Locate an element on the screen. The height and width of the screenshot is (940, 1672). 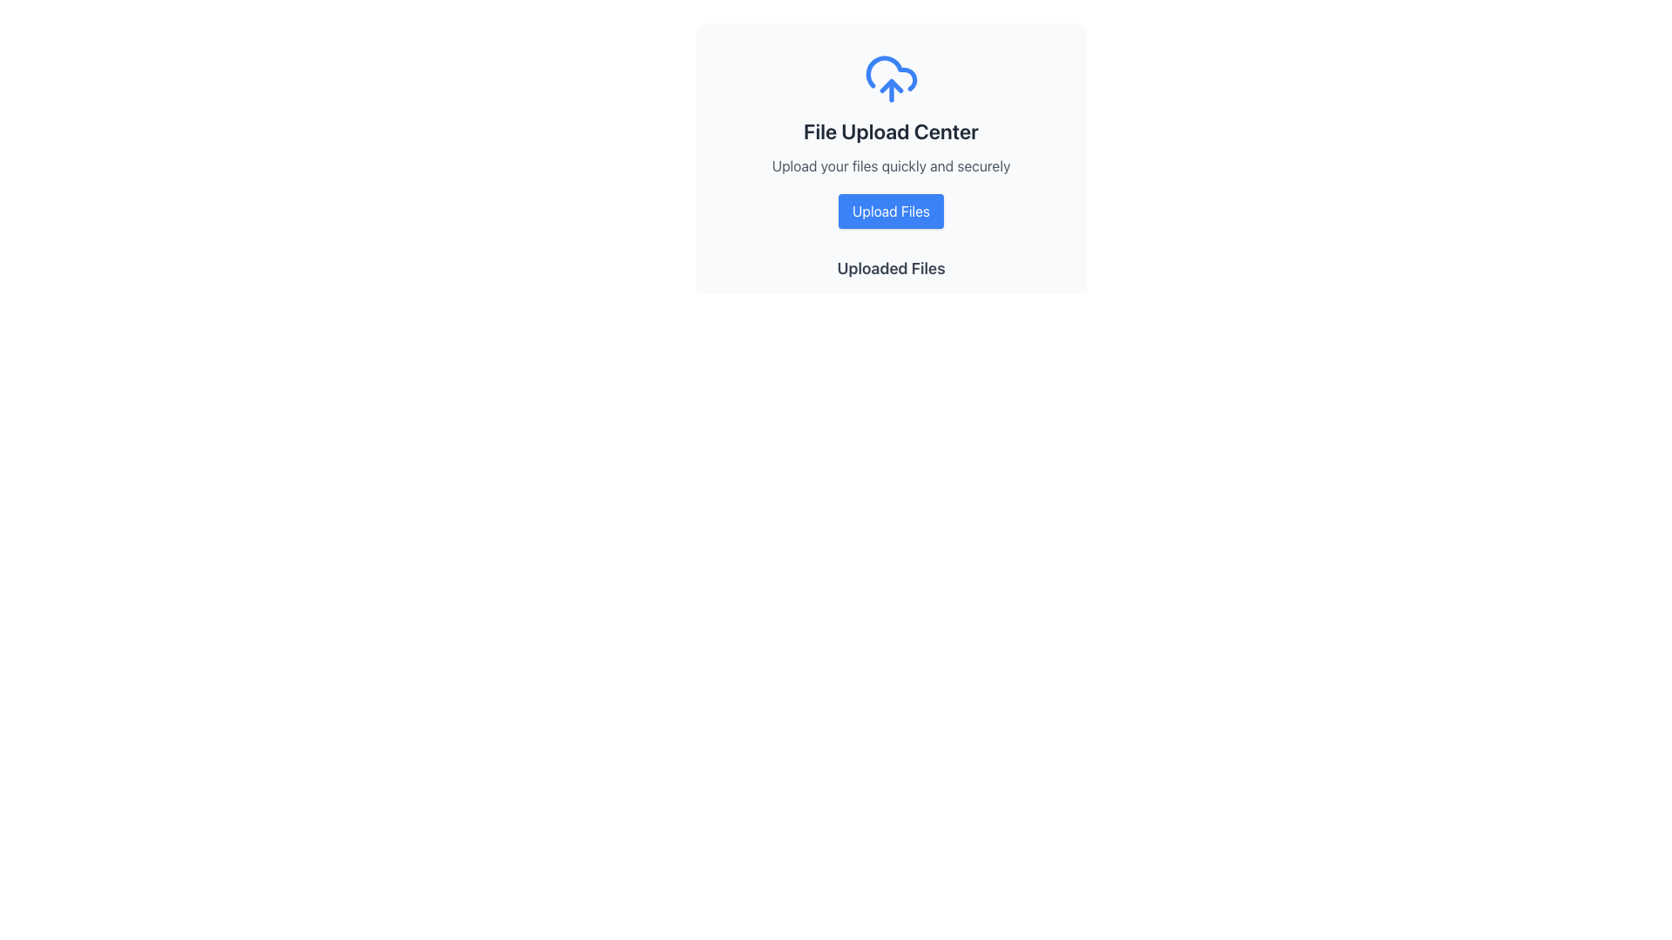
the label that serves as the title for the uploaded files section, located beneath the 'Upload Files' button is located at coordinates (891, 268).